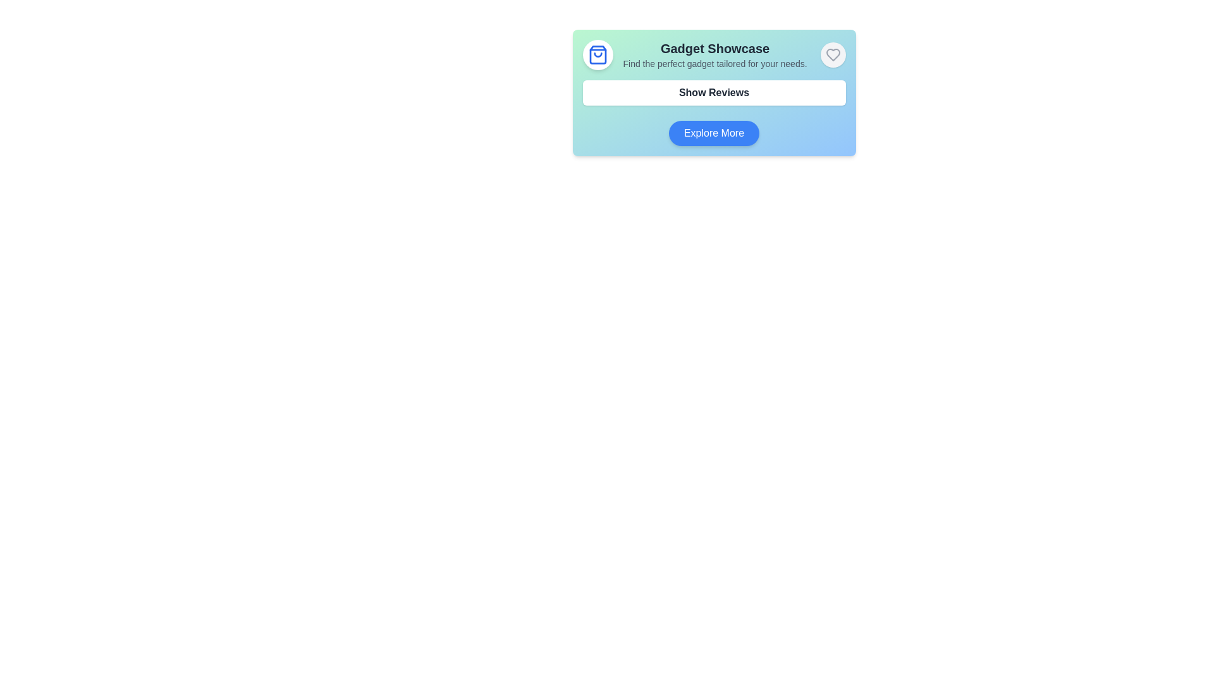 This screenshot has height=683, width=1214. Describe the element at coordinates (833, 54) in the screenshot. I see `the heart-shaped icon in the top-right corner of the card layout to like or favorite the associated item` at that location.